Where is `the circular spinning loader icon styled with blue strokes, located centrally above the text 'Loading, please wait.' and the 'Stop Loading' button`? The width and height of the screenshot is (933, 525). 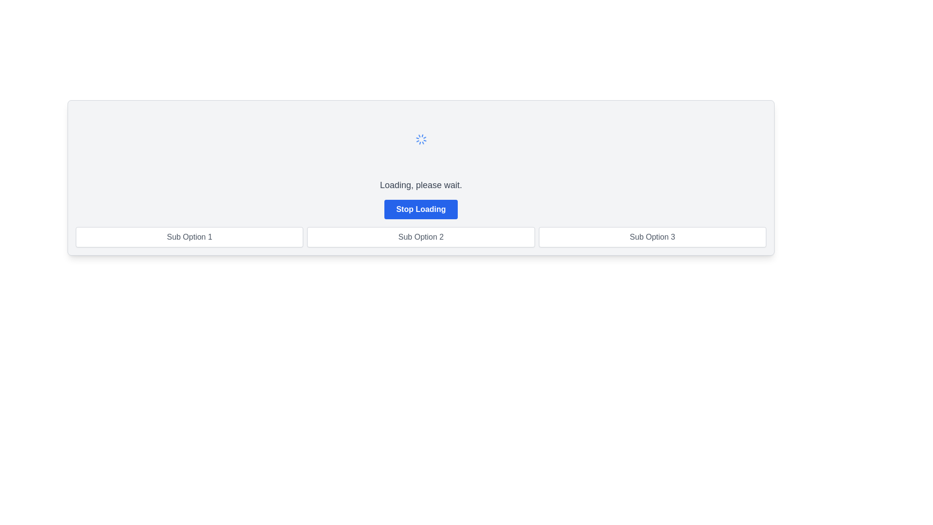 the circular spinning loader icon styled with blue strokes, located centrally above the text 'Loading, please wait.' and the 'Stop Loading' button is located at coordinates (421, 139).